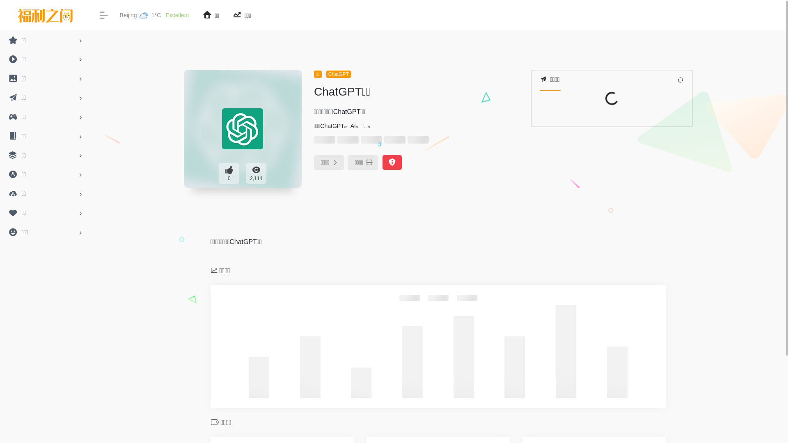  Describe the element at coordinates (229, 173) in the screenshot. I see `'0'` at that location.